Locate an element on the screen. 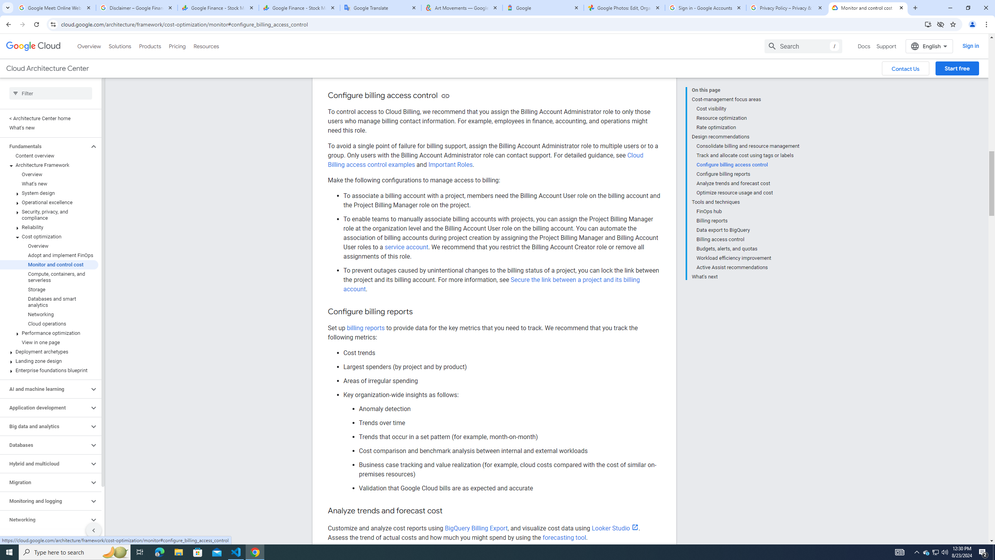  'Monitor and control cost' is located at coordinates (49, 265).